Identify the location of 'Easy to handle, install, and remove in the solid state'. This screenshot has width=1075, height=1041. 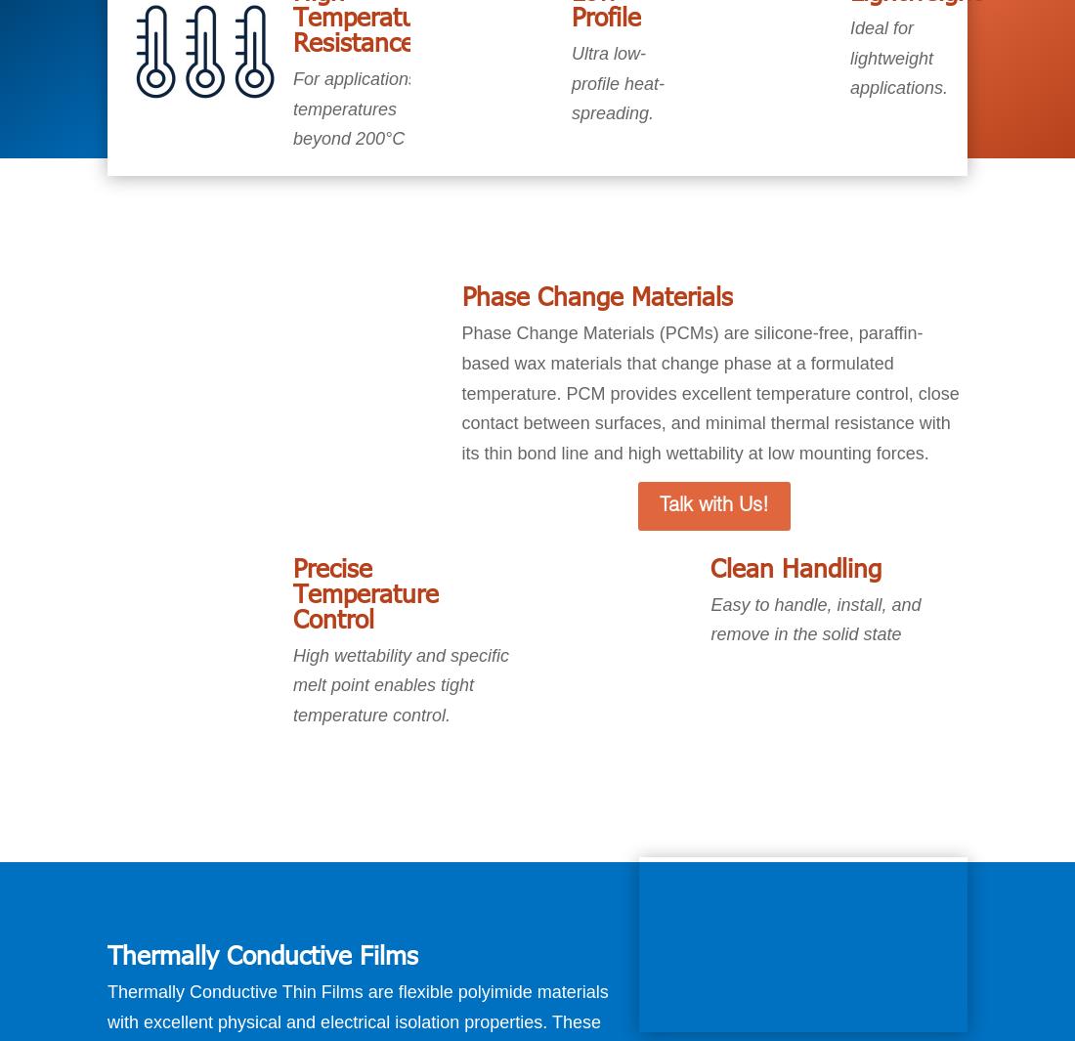
(814, 619).